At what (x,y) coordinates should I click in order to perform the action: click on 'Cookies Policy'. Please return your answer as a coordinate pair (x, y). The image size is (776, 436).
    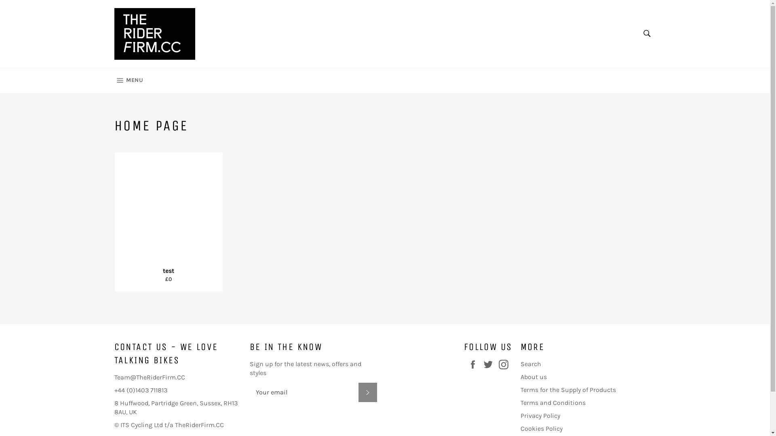
    Looking at the image, I should click on (541, 428).